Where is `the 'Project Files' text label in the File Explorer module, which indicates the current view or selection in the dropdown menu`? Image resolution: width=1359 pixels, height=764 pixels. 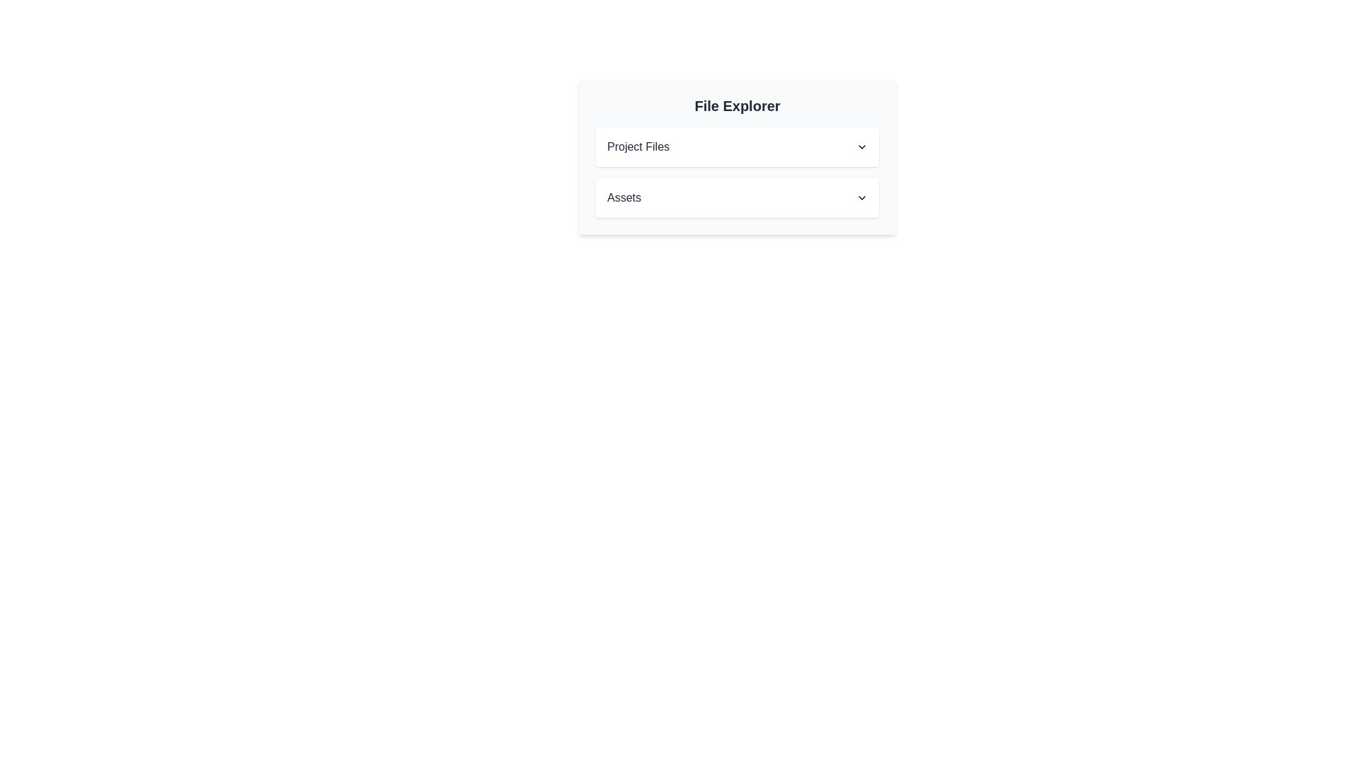
the 'Project Files' text label in the File Explorer module, which indicates the current view or selection in the dropdown menu is located at coordinates (638, 147).